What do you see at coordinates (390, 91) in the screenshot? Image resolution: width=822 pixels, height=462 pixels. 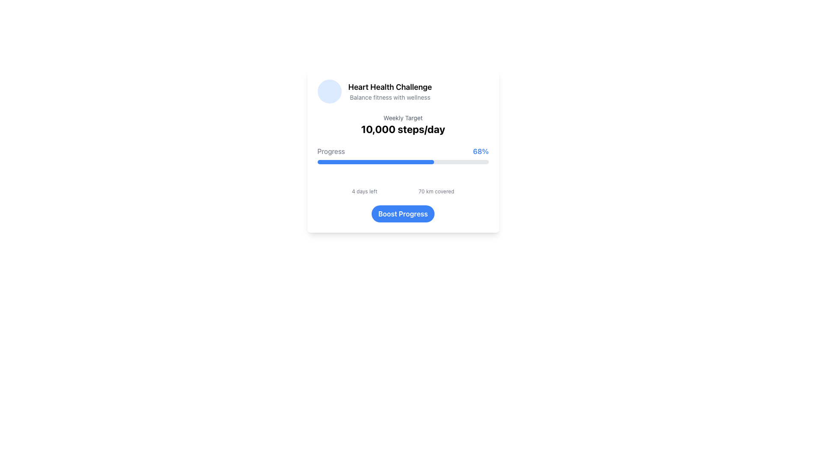 I see `the title and subtitle text element located at the upper center of the card section, which is positioned to the right of a circular blue icon and above the text 'Weekly Target 10,000 steps/day'` at bounding box center [390, 91].